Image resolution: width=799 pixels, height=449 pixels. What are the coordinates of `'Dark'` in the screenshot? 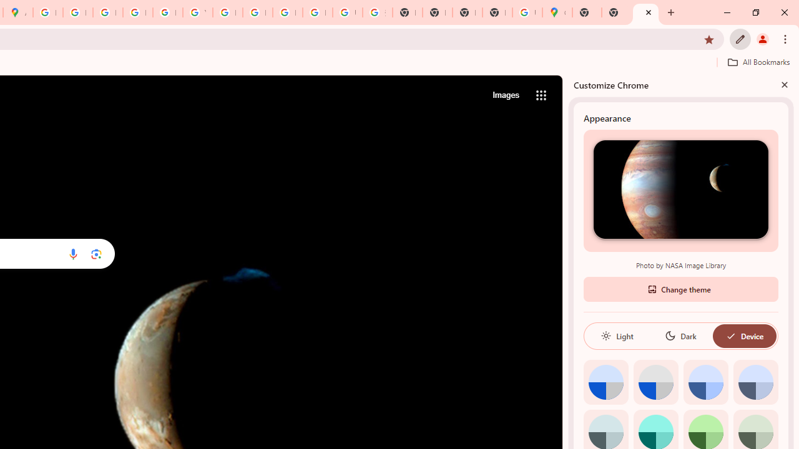 It's located at (680, 335).